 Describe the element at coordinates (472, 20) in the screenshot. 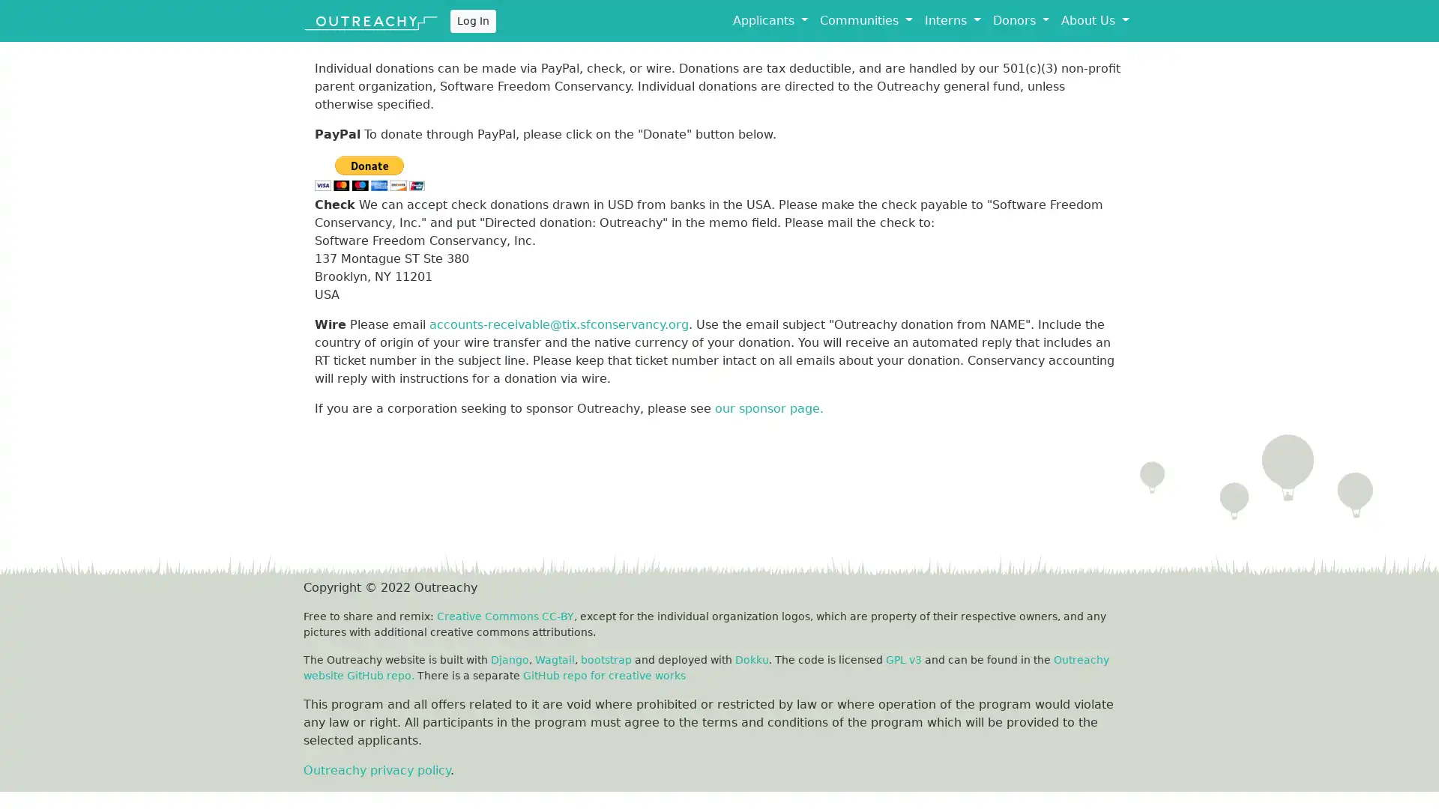

I see `Log In` at that location.